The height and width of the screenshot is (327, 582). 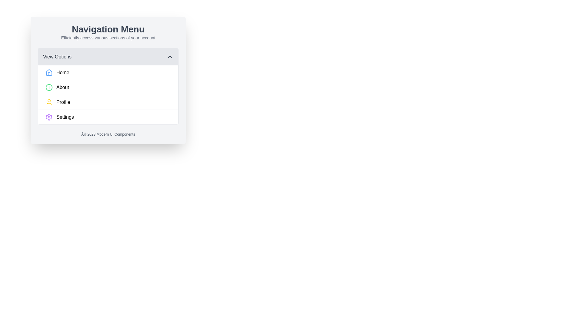 I want to click on the 'About' button in the vertical menu list under 'View Options', so click(x=108, y=86).